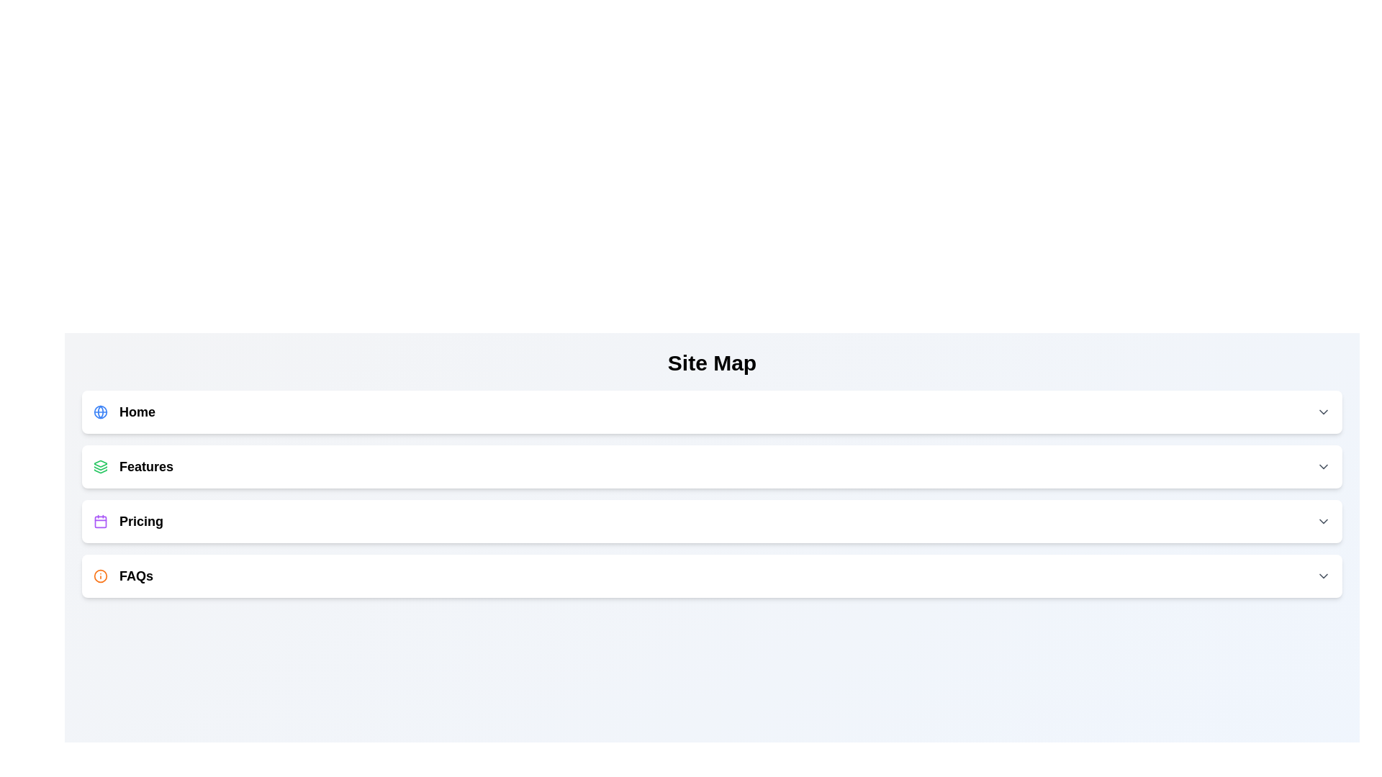 Image resolution: width=1382 pixels, height=777 pixels. I want to click on the prominent orange circular icon resembling an information sign located to the left of the text 'FAQs' in the fourth row of the menu items, so click(99, 576).